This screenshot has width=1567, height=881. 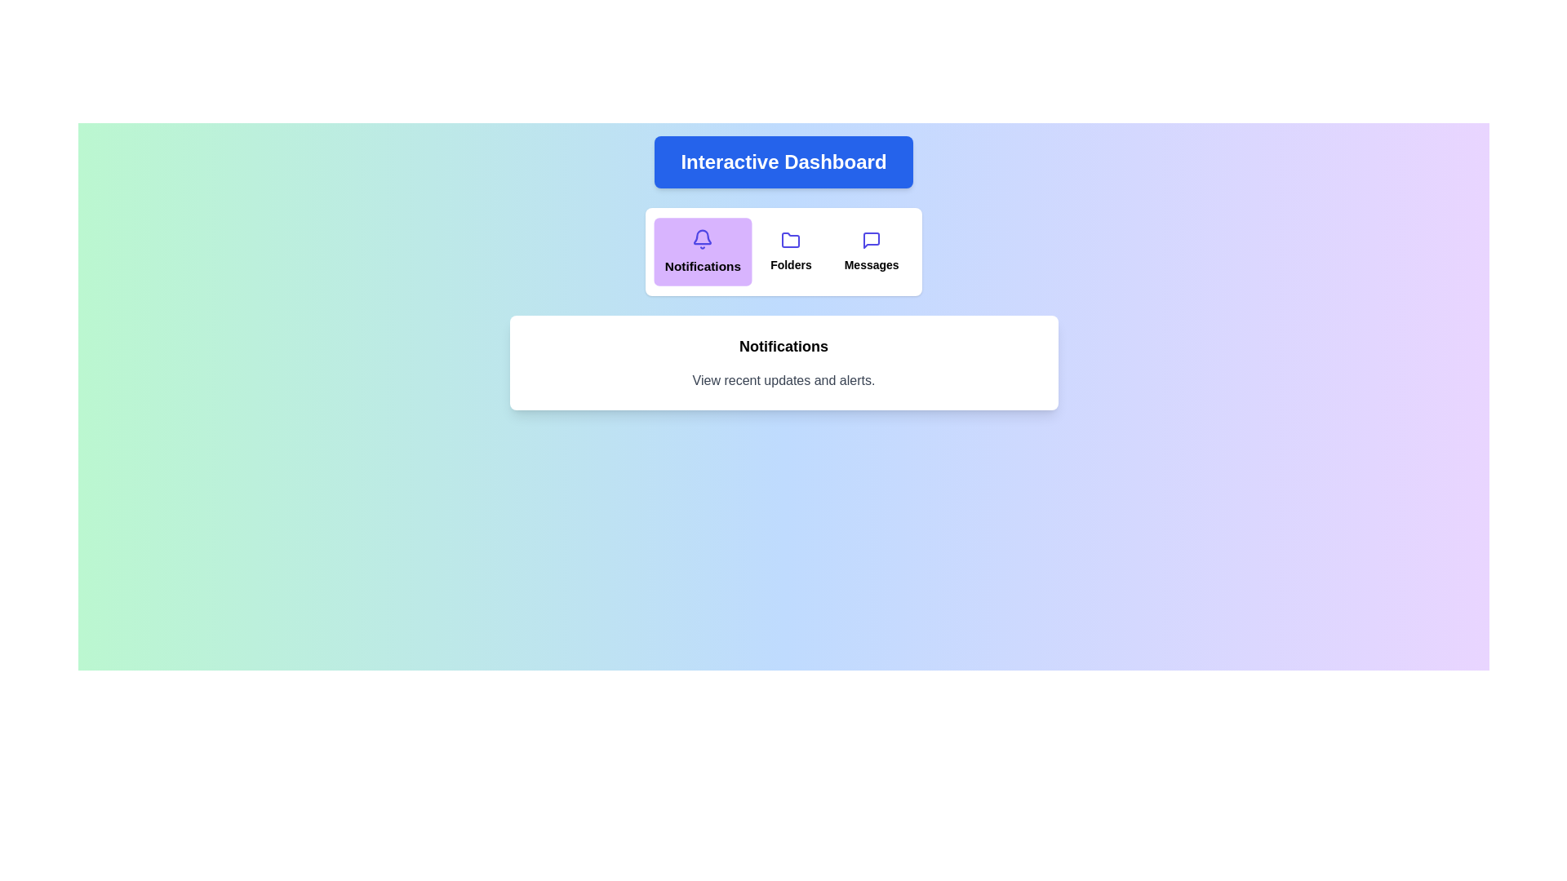 I want to click on the section labeled 'Folders' by clicking the corresponding button, so click(x=791, y=251).